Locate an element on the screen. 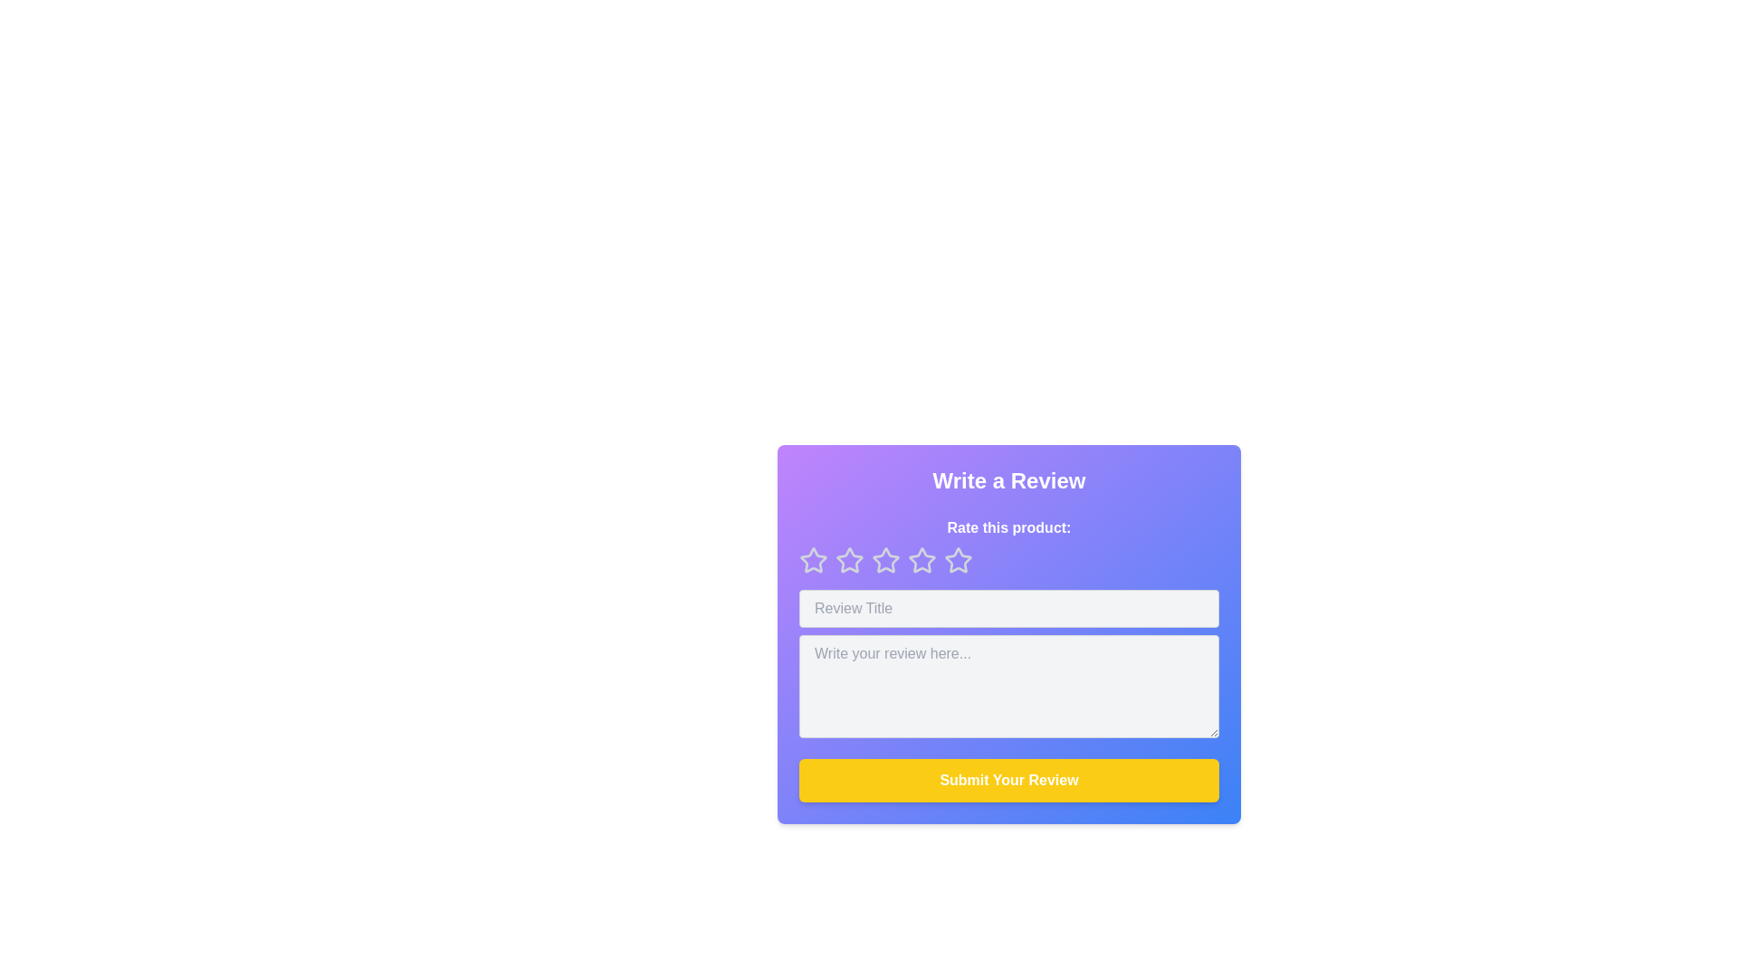 The image size is (1738, 977). the third star icon button to rate it as '3 out of 5' in the product review interface is located at coordinates (886, 560).